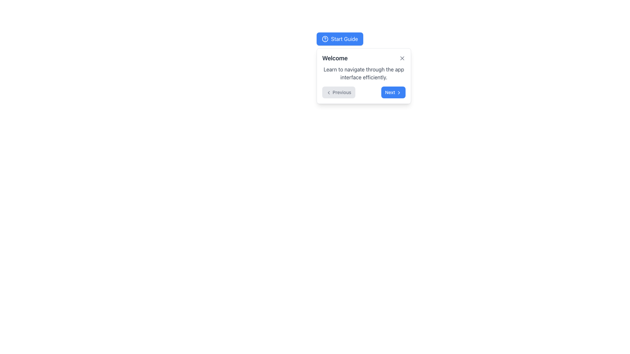 The width and height of the screenshot is (630, 354). Describe the element at coordinates (402, 58) in the screenshot. I see `the Close button represented by an 'X' icon located at the top-right corner of the pop-up card` at that location.